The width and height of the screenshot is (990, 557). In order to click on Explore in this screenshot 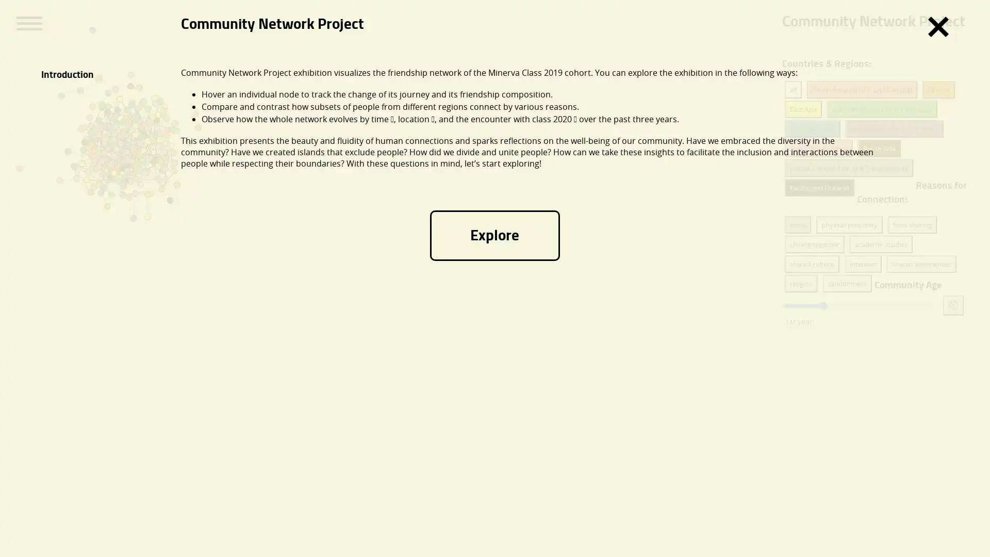, I will do `click(494, 235)`.